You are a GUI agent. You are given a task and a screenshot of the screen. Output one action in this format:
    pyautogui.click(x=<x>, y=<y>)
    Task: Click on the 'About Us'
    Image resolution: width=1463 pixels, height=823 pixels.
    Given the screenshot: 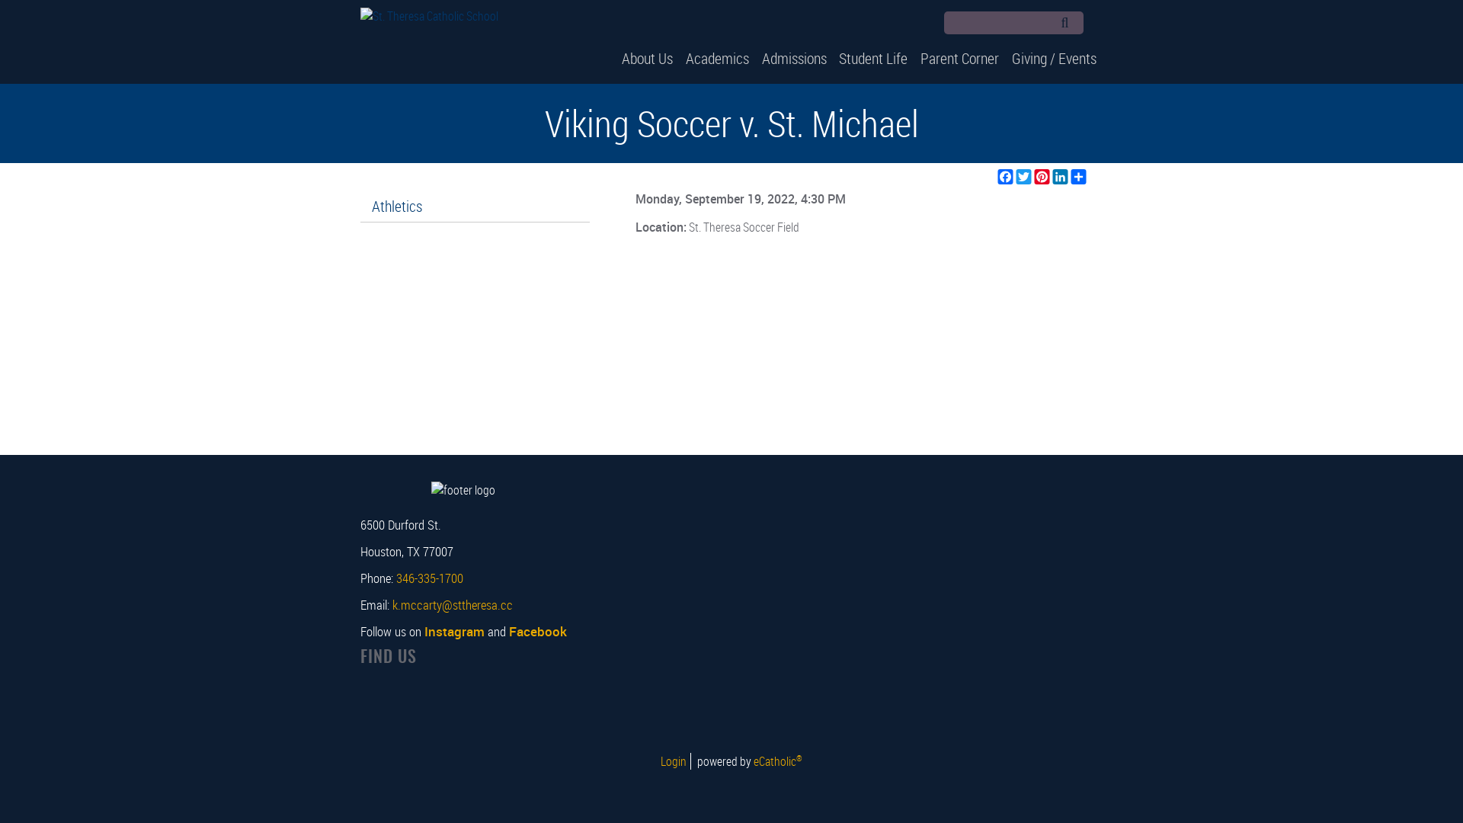 What is the action you would take?
    pyautogui.click(x=647, y=57)
    